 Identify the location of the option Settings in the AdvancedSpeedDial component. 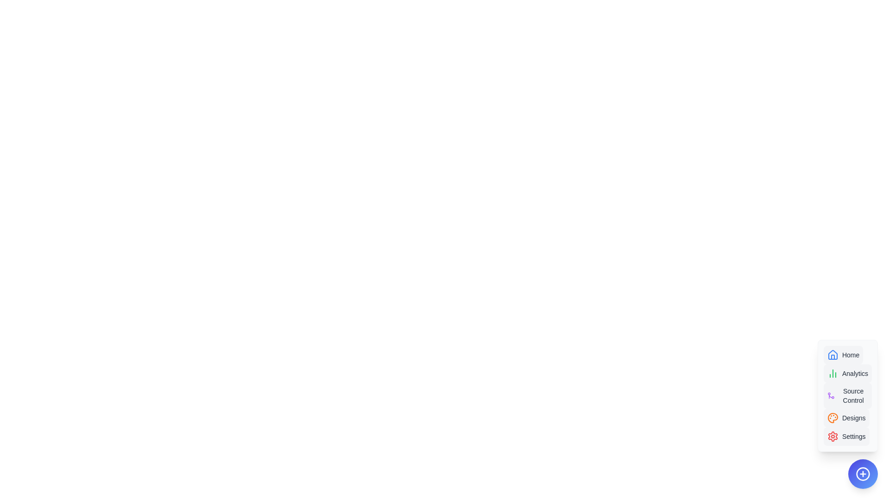
(846, 436).